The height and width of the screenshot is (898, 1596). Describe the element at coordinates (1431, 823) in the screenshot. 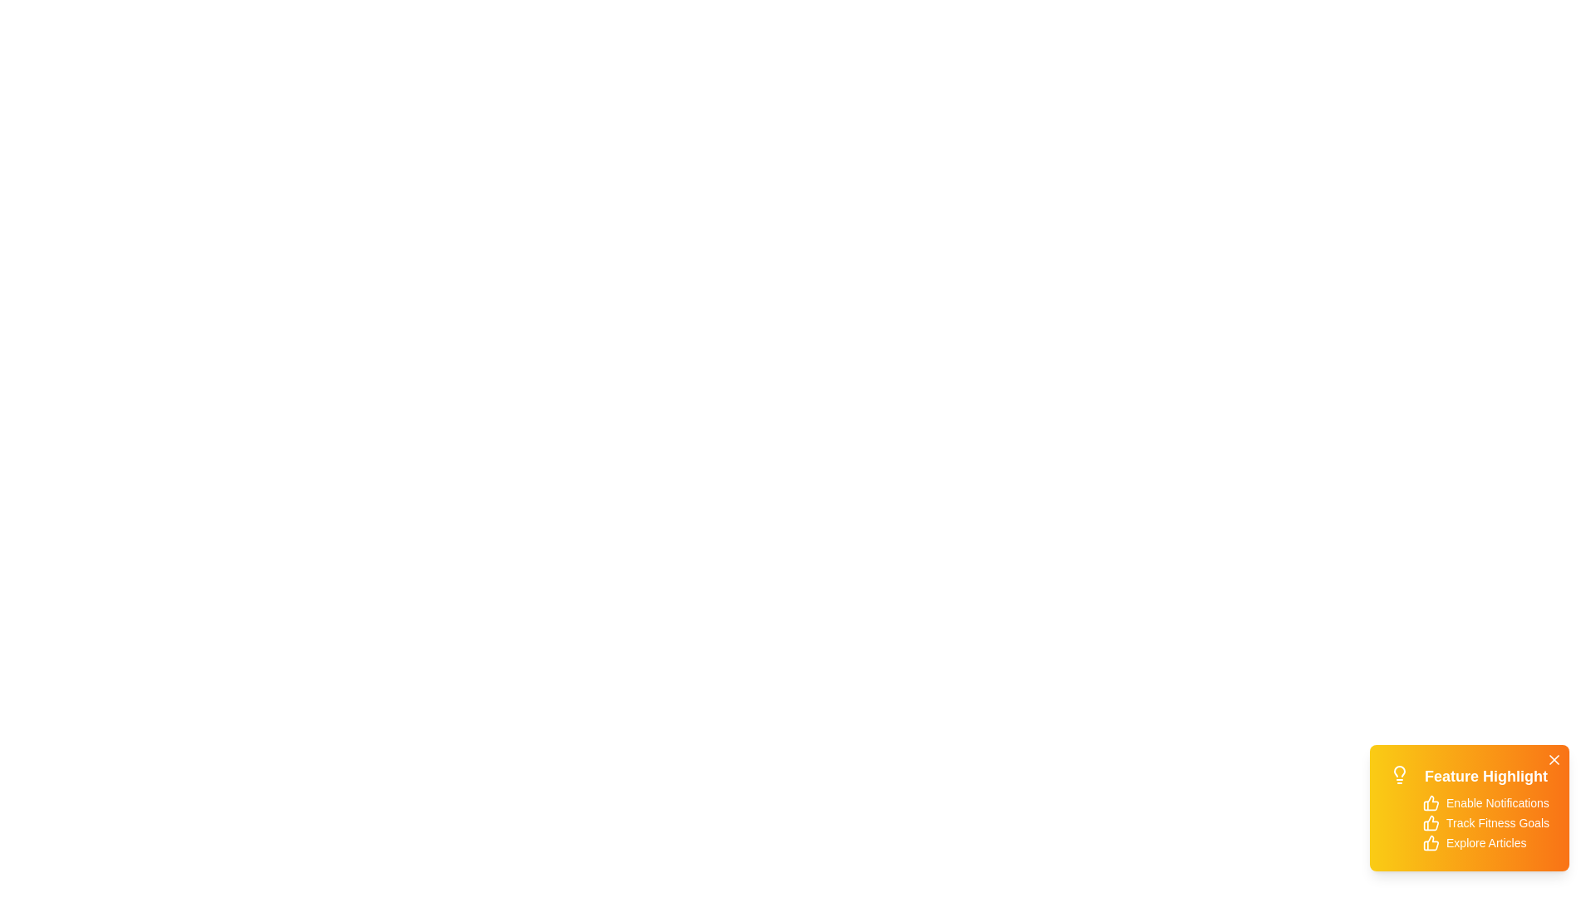

I see `the suggestion Track Fitness Goals to view its tooltip or effect` at that location.